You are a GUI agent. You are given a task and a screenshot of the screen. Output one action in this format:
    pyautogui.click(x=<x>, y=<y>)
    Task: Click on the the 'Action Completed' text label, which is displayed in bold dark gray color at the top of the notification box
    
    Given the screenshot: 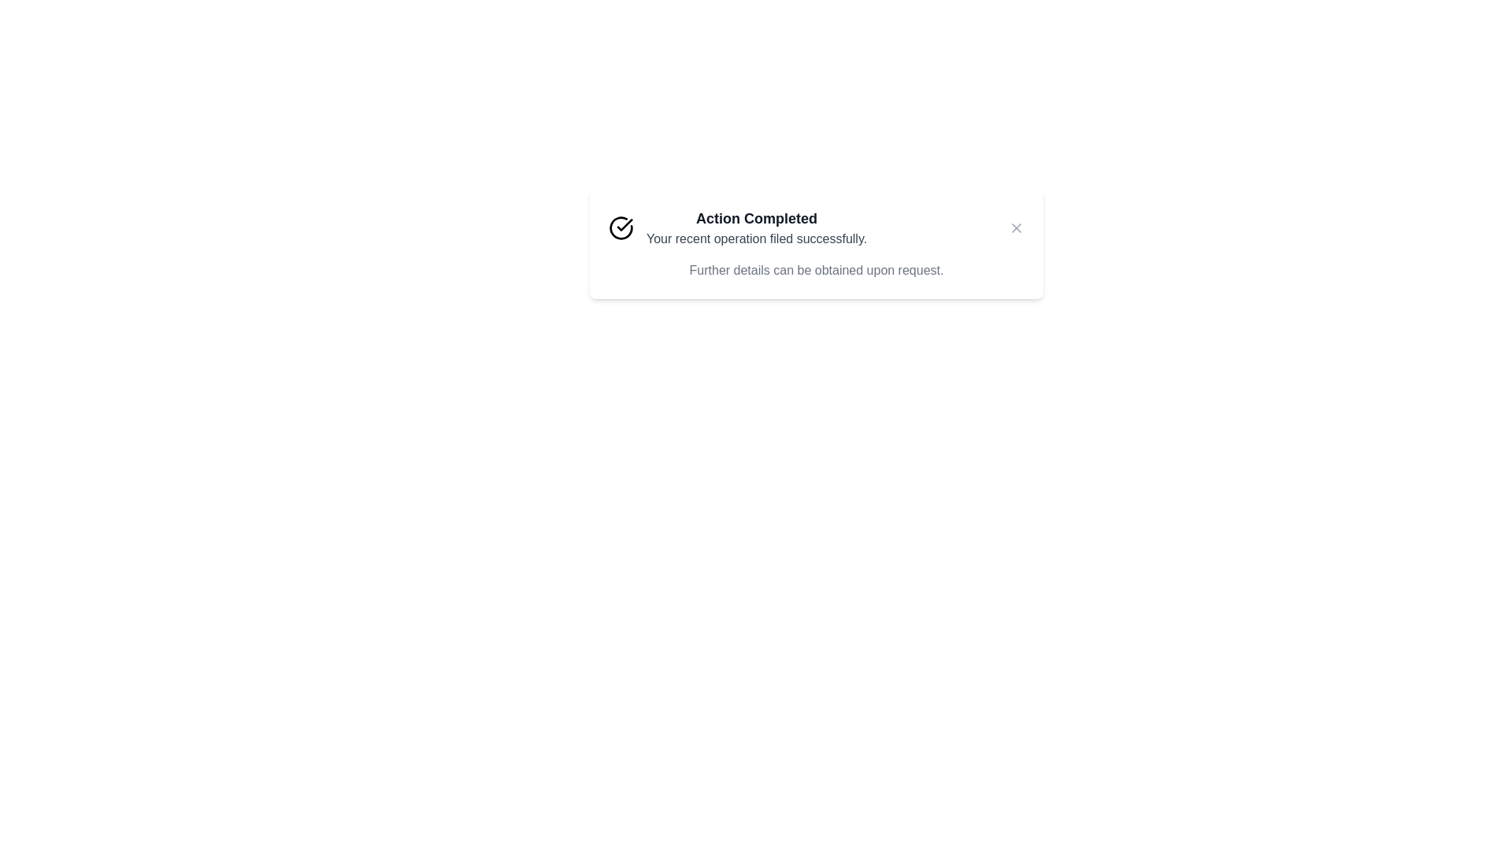 What is the action you would take?
    pyautogui.click(x=757, y=218)
    